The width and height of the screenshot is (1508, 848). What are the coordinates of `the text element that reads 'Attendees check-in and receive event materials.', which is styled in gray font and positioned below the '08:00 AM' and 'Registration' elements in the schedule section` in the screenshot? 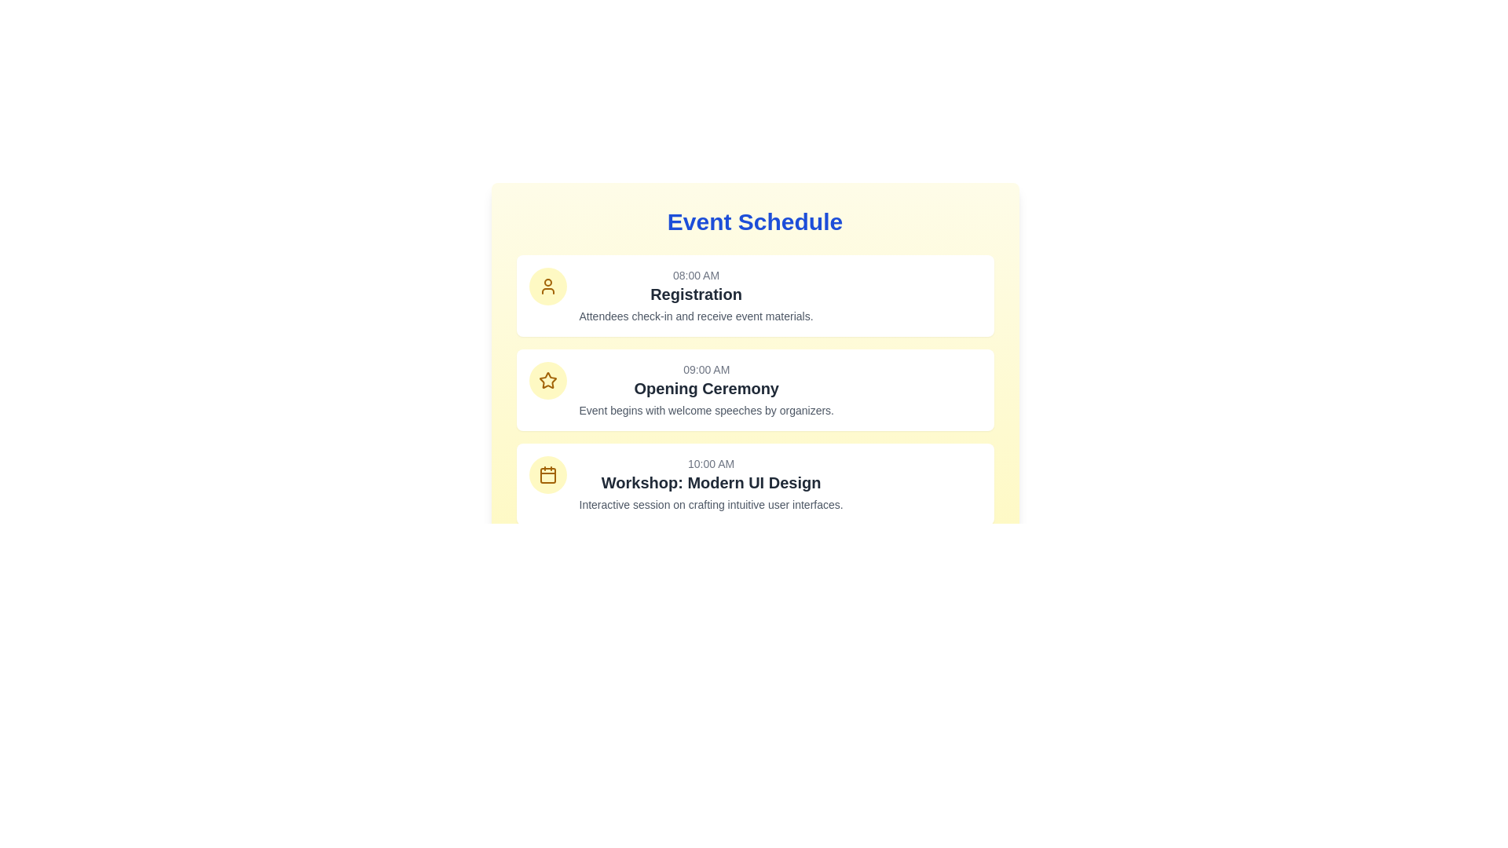 It's located at (695, 316).